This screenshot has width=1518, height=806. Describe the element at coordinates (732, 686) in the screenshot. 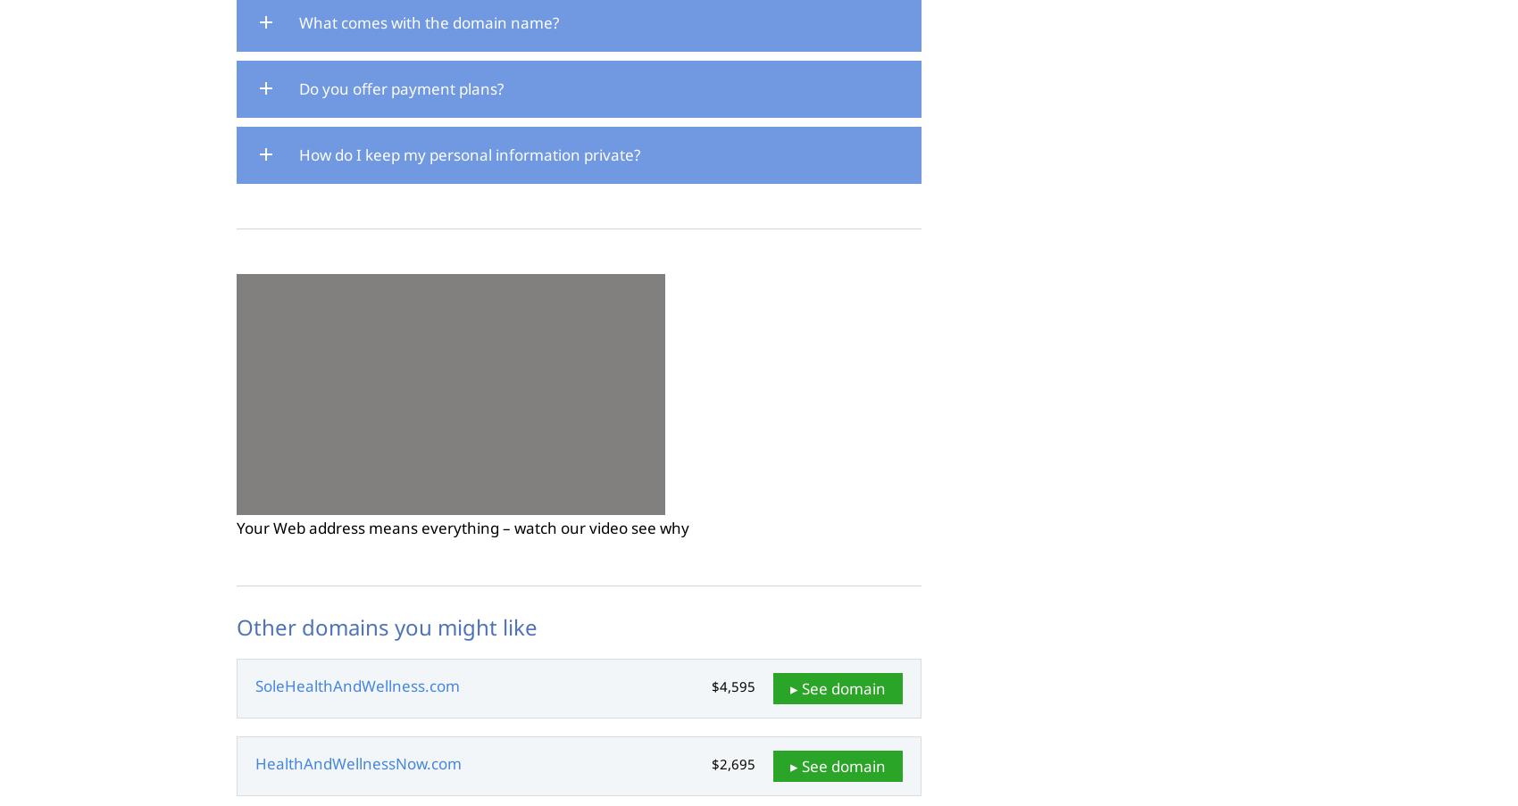

I see `'$4,595'` at that location.